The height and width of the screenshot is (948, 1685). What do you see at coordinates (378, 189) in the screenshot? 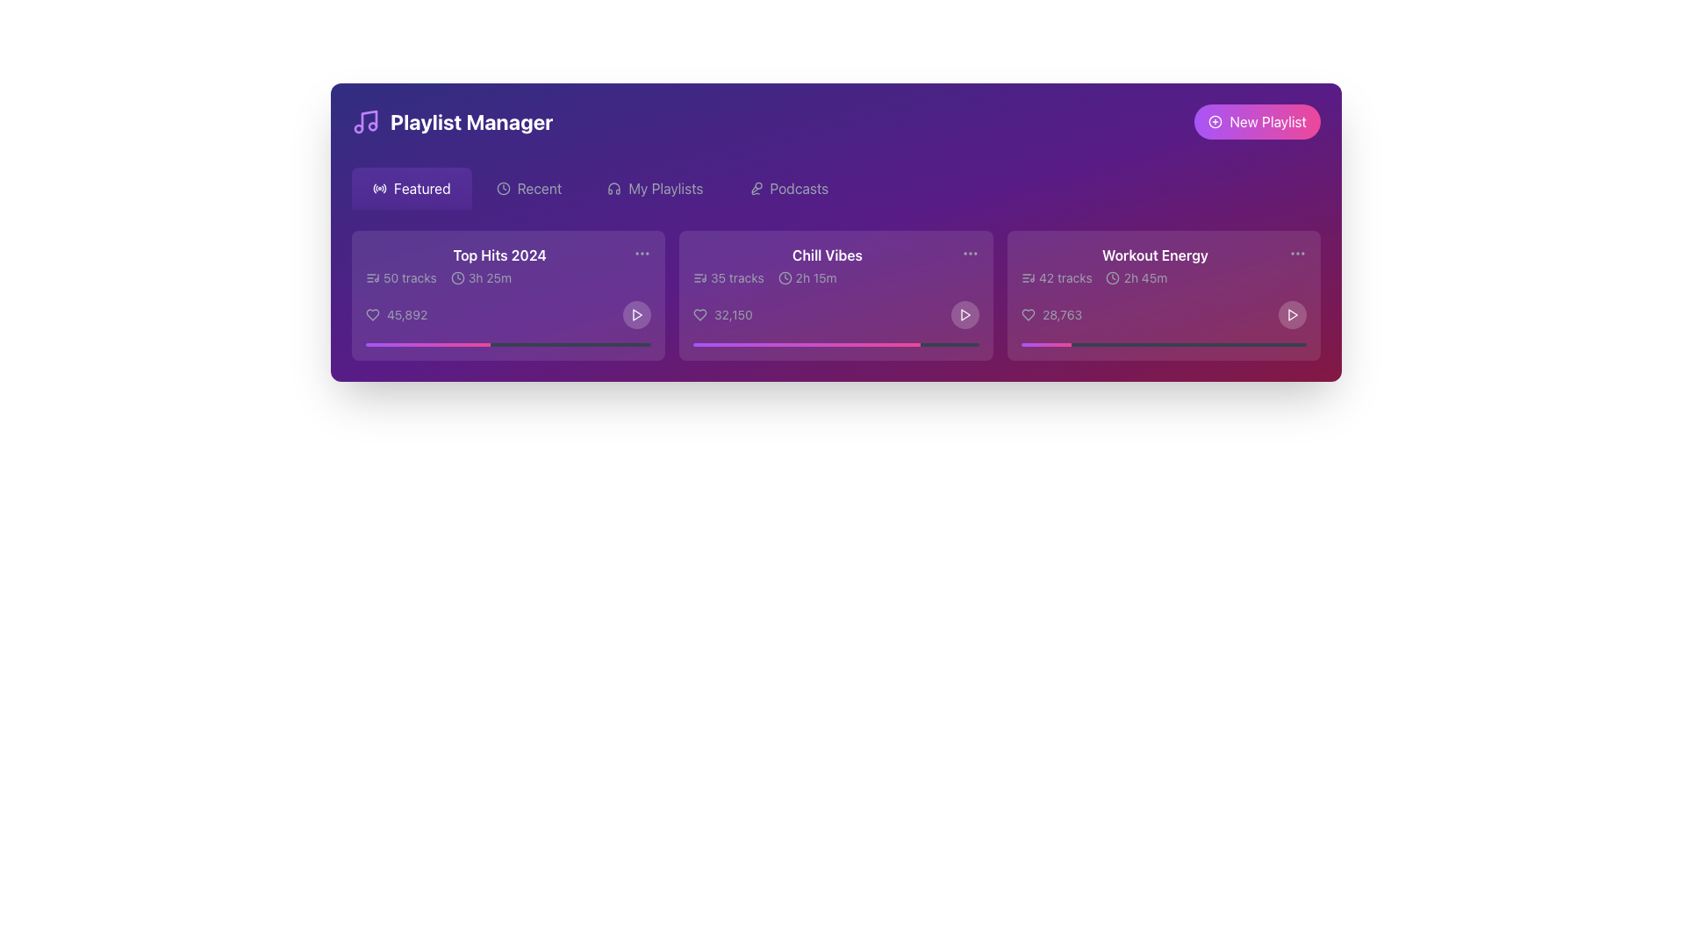
I see `the decorative icon representing the 'Featured' tab located in the navigation bar, positioned to the left of the word 'Featured'` at bounding box center [378, 189].